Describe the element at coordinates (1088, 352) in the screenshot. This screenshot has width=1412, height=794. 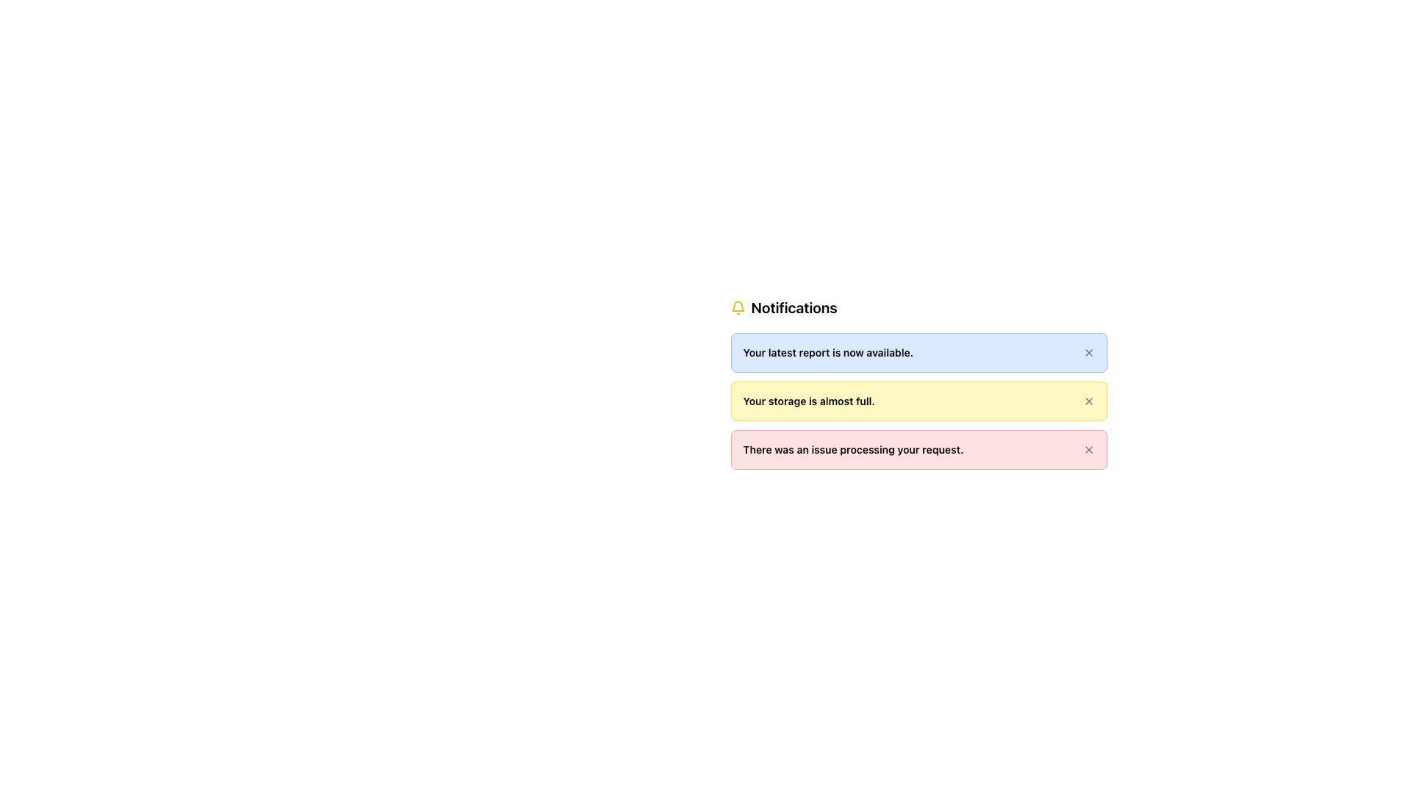
I see `the small 'X' icon button located at the top-right corner of the blue notification box that contains the message 'Your latest report is now available.'` at that location.